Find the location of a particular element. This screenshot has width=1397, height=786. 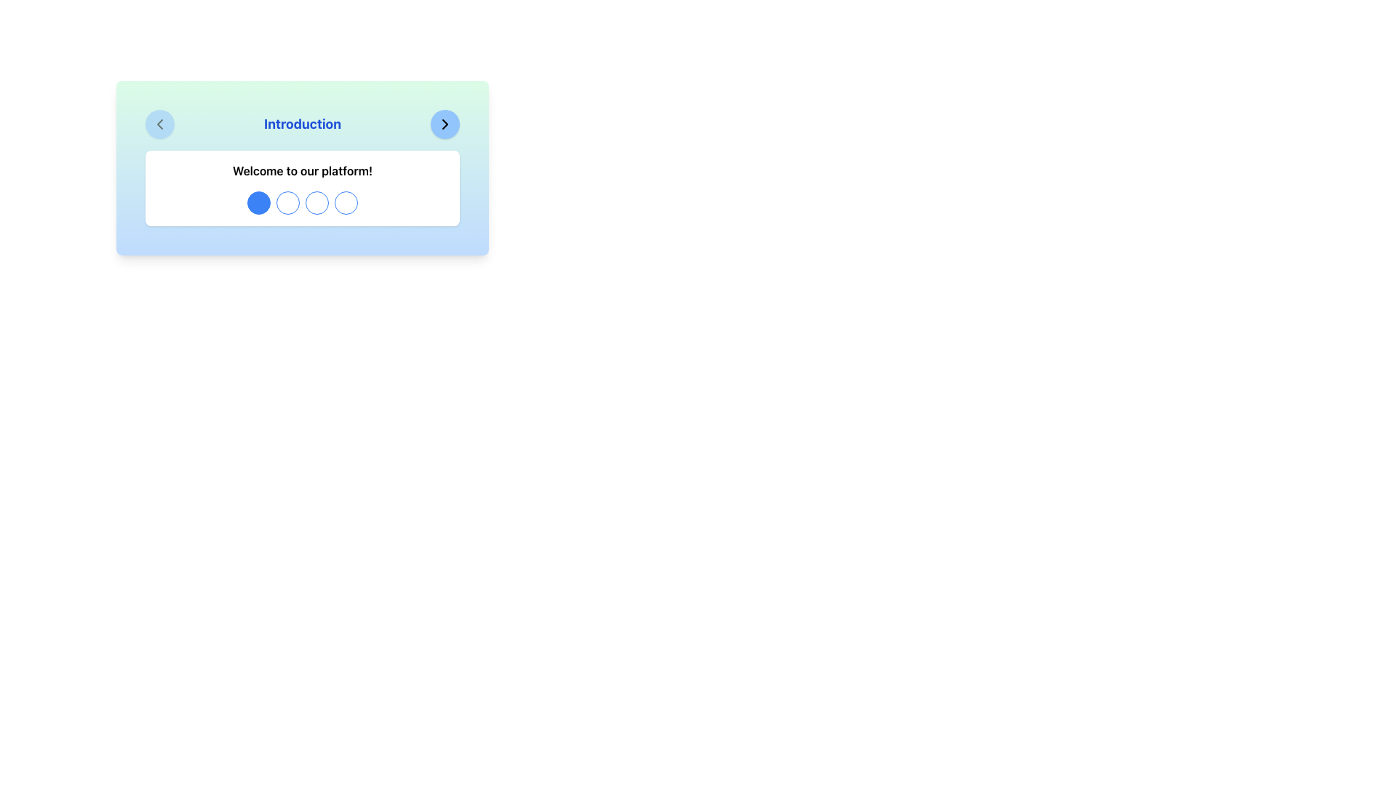

the circular button with a light blue background and a black chevron pointing right is located at coordinates (444, 123).